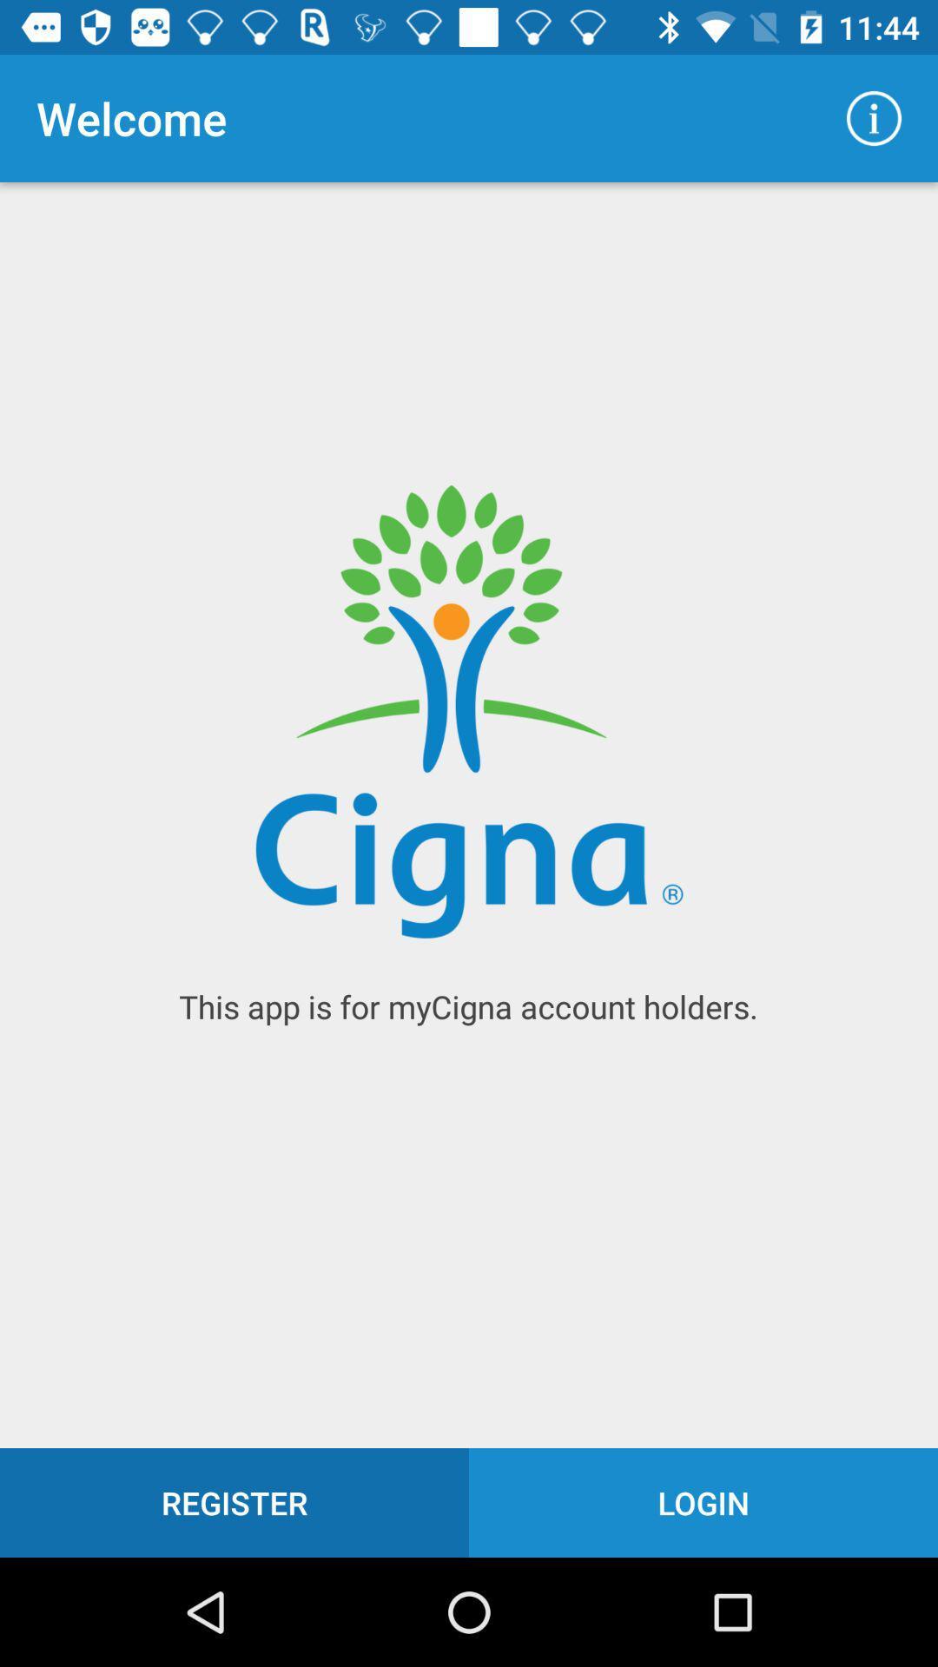 Image resolution: width=938 pixels, height=1667 pixels. What do you see at coordinates (703, 1502) in the screenshot?
I see `the item next to register` at bounding box center [703, 1502].